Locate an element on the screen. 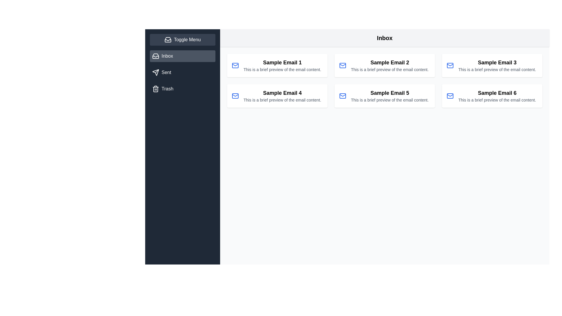  preview text element located below the header 'Sample Email 5', which provides insight into the email content without opening it is located at coordinates (390, 100).